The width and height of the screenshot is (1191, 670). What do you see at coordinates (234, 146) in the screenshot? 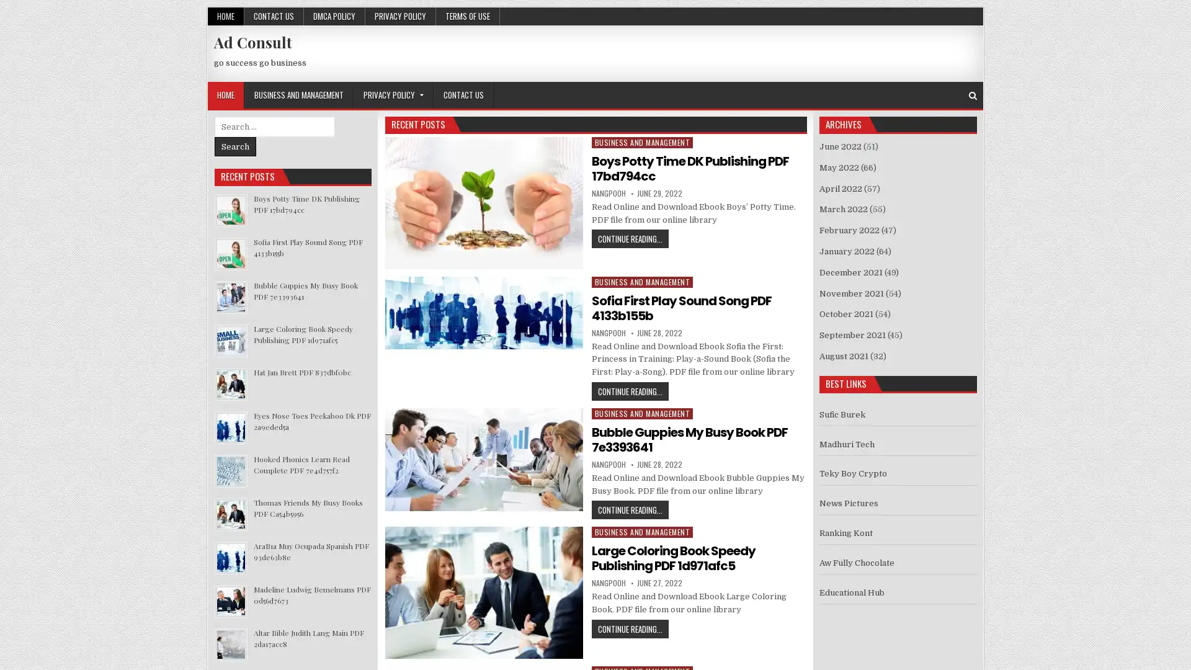
I see `Search` at bounding box center [234, 146].